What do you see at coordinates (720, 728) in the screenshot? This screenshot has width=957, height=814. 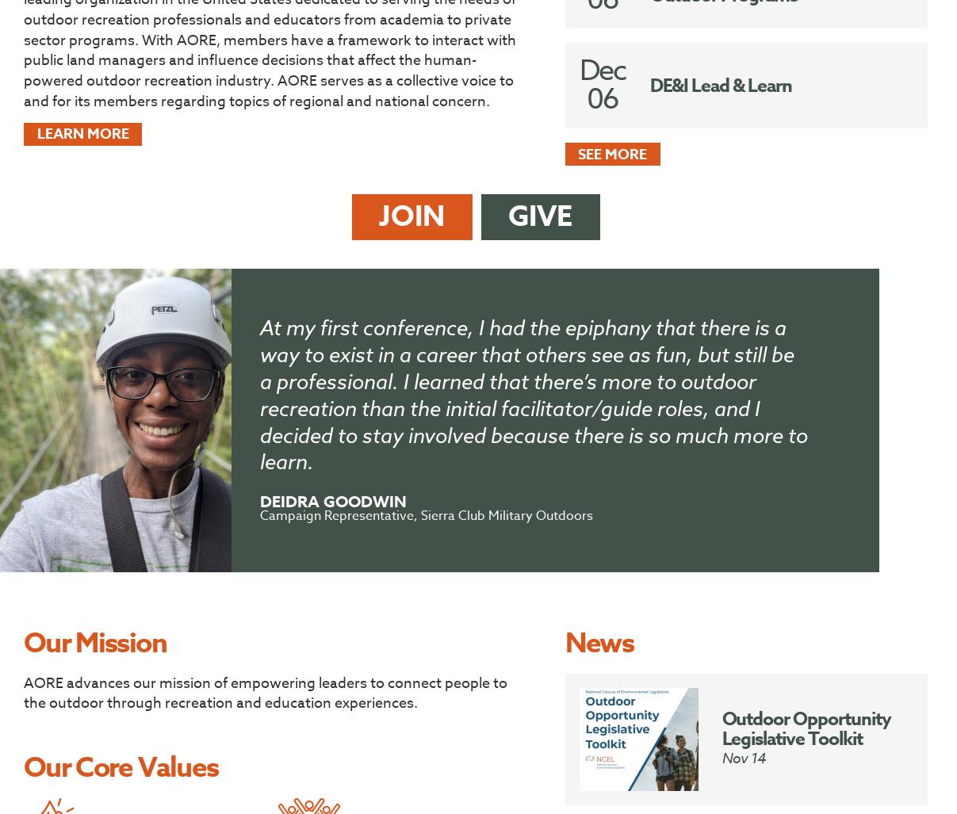 I see `'Outdoor Opportunity Legislative Toolkit'` at bounding box center [720, 728].